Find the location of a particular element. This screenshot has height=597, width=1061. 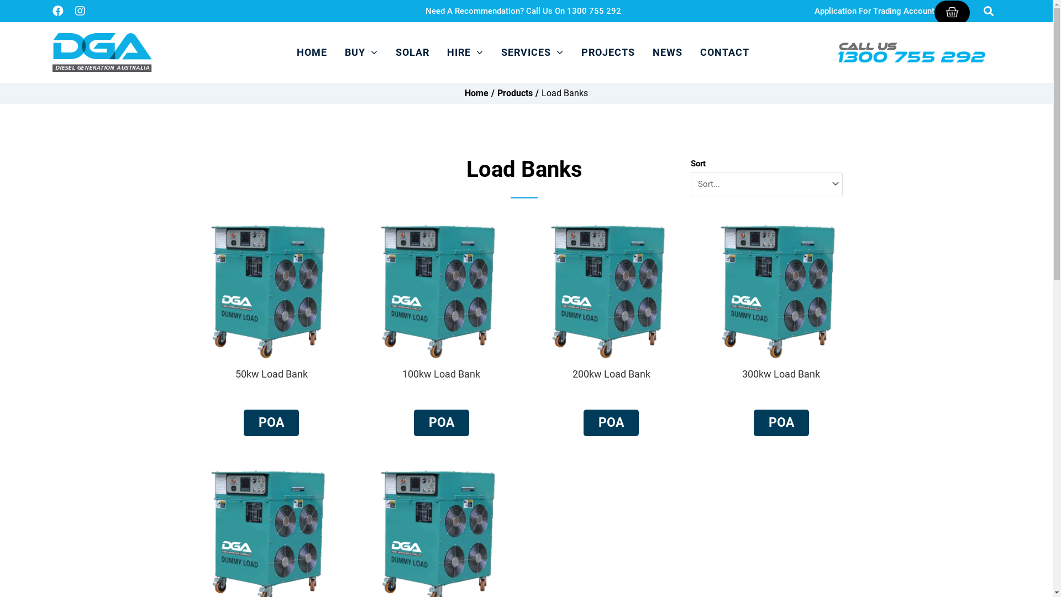

'NEWS' is located at coordinates (667, 53).